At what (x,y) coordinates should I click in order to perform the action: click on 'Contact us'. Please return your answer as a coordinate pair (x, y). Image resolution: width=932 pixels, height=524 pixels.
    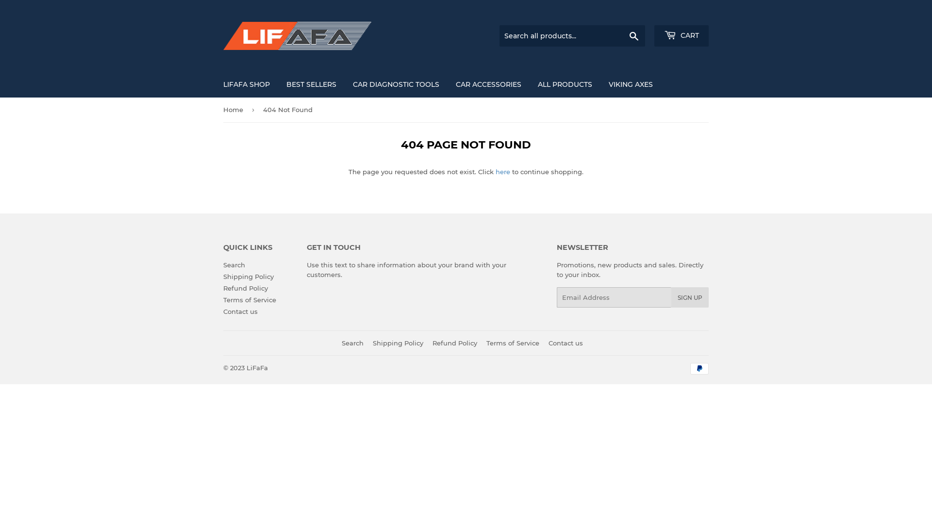
    Looking at the image, I should click on (223, 311).